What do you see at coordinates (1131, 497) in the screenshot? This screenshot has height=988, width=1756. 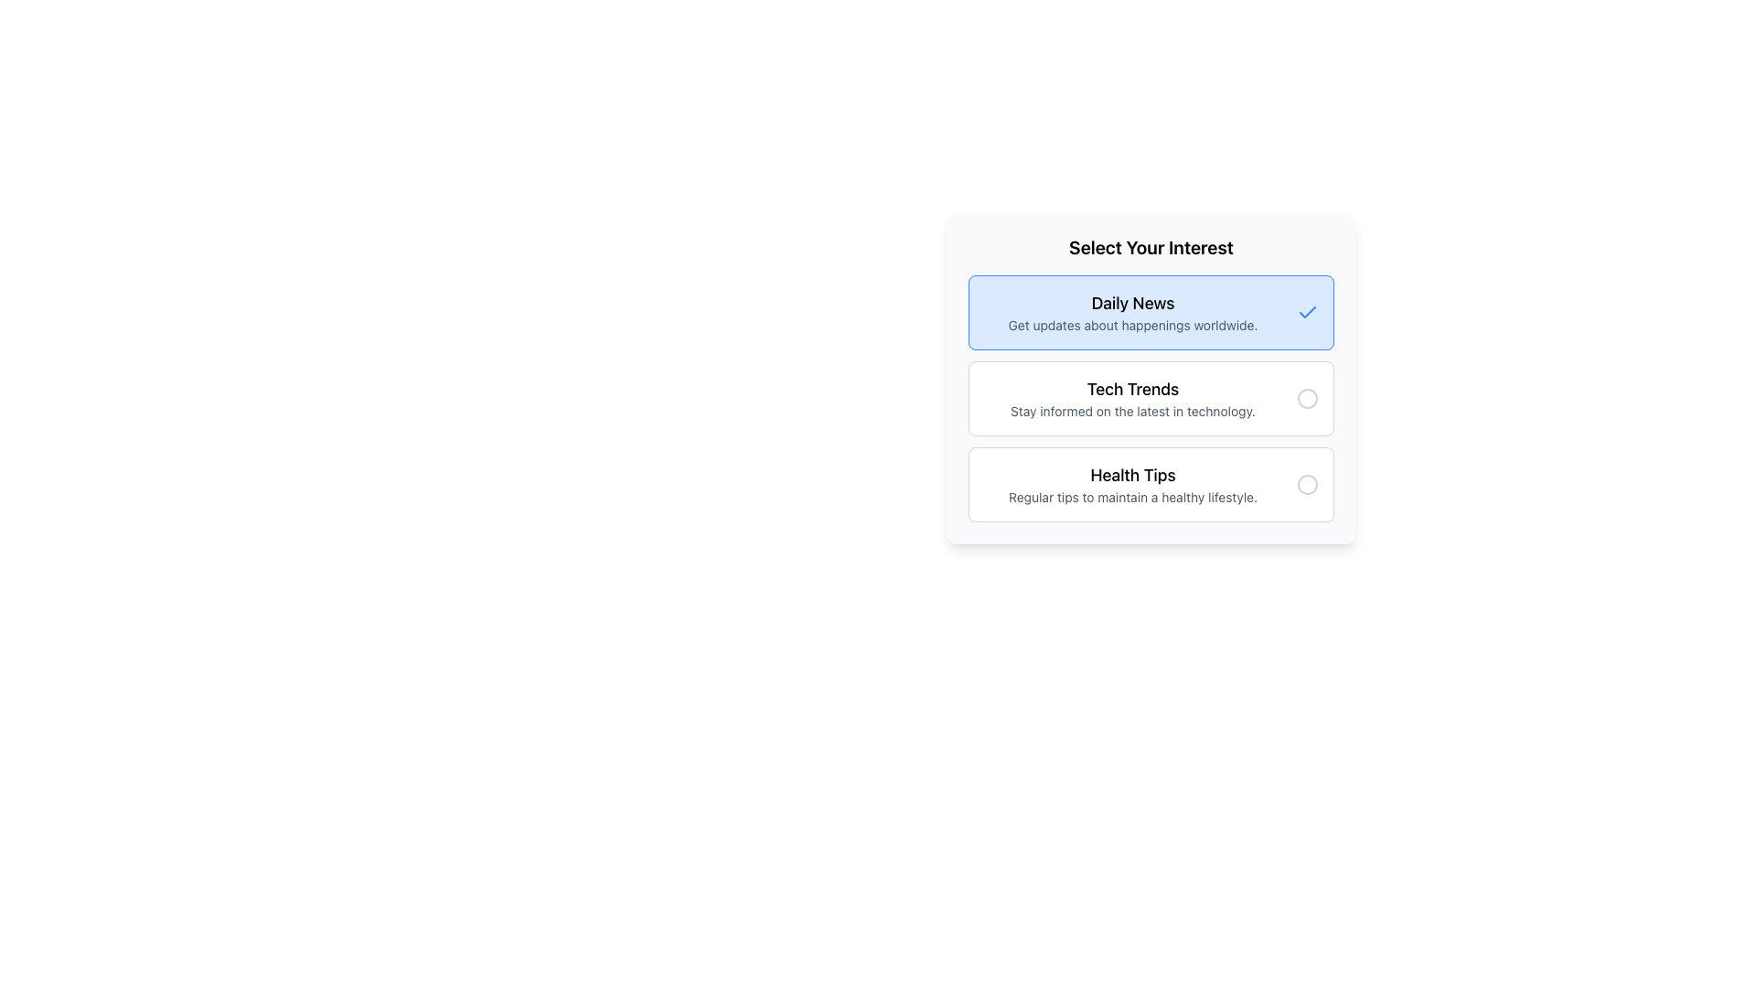 I see `the static text element that provides additional information about the 'Health Tips' option in the selection interface, which is located directly below the 'Health Tips' text` at bounding box center [1131, 497].